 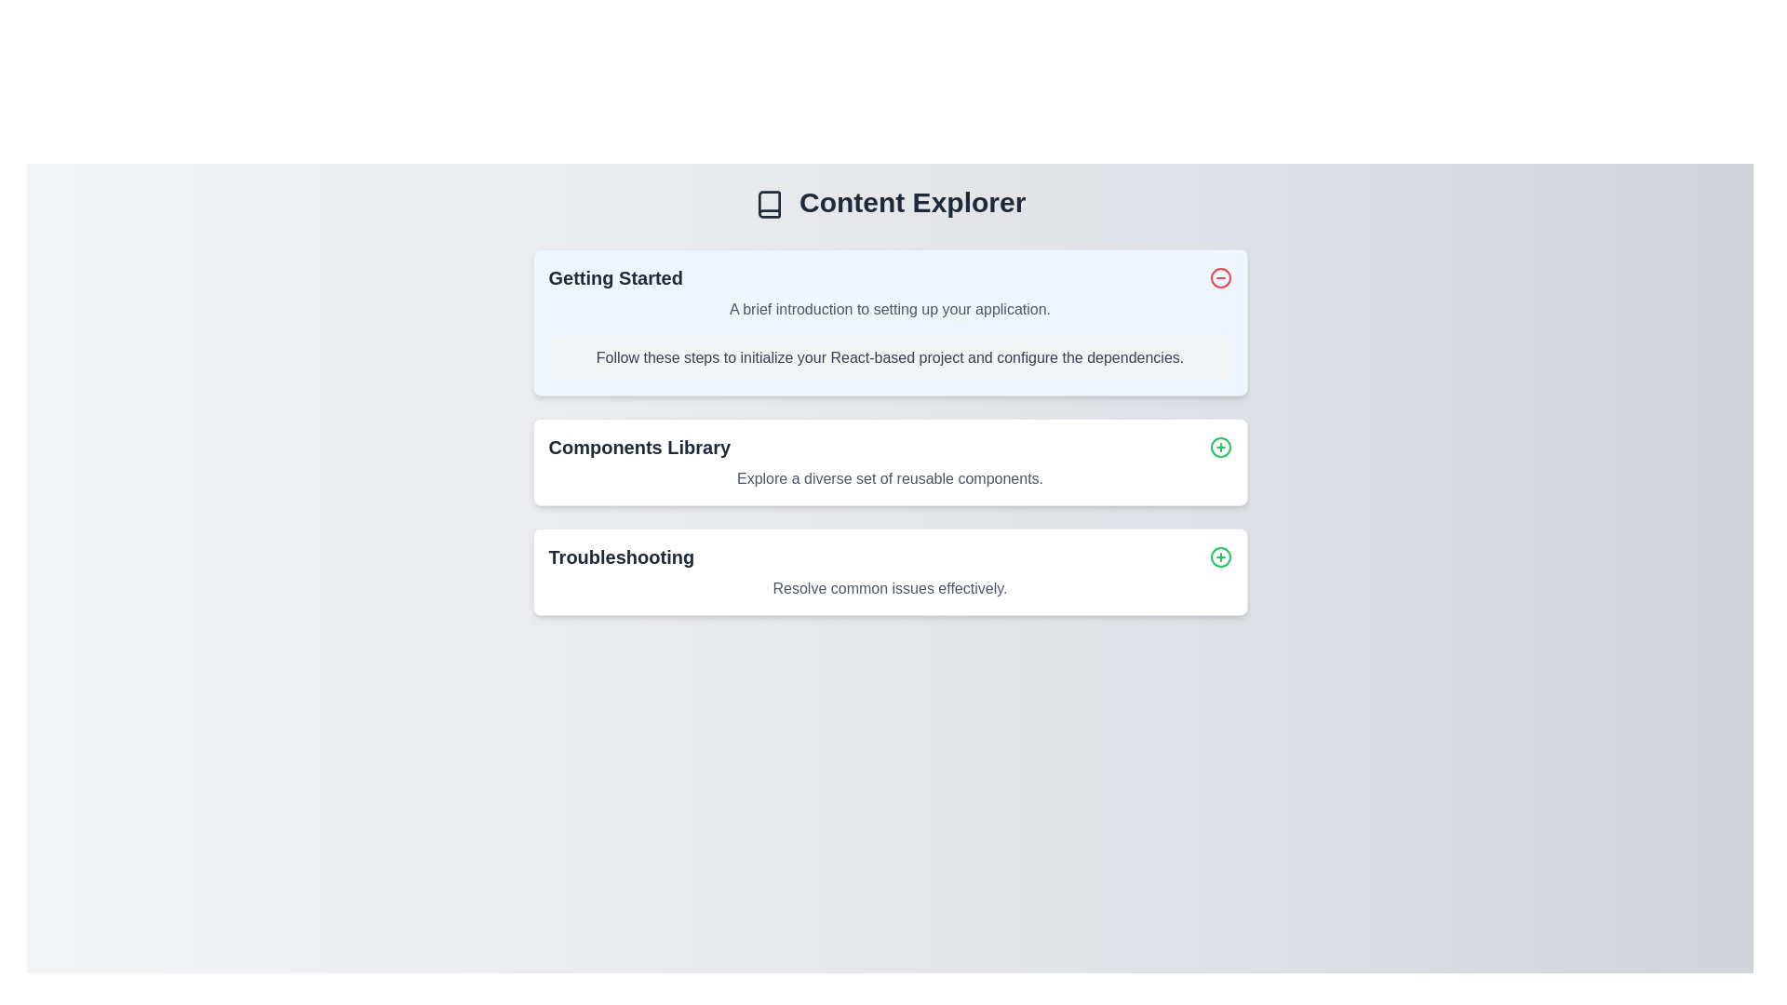 What do you see at coordinates (889, 478) in the screenshot?
I see `the static text element that provides descriptive information about the 'Components Library' section, located centrally under the title text` at bounding box center [889, 478].